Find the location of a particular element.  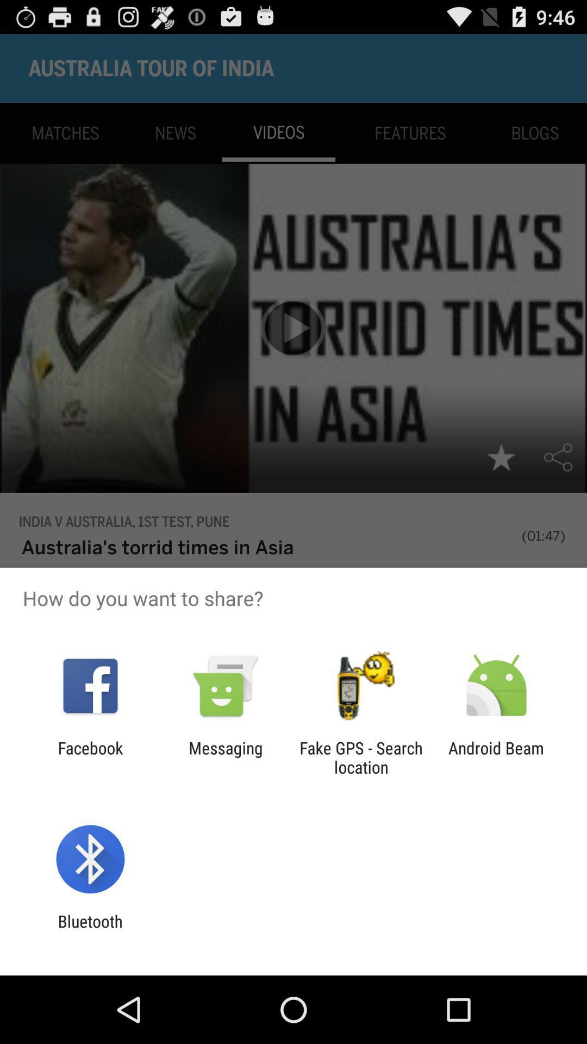

the item next to messaging item is located at coordinates (90, 757).